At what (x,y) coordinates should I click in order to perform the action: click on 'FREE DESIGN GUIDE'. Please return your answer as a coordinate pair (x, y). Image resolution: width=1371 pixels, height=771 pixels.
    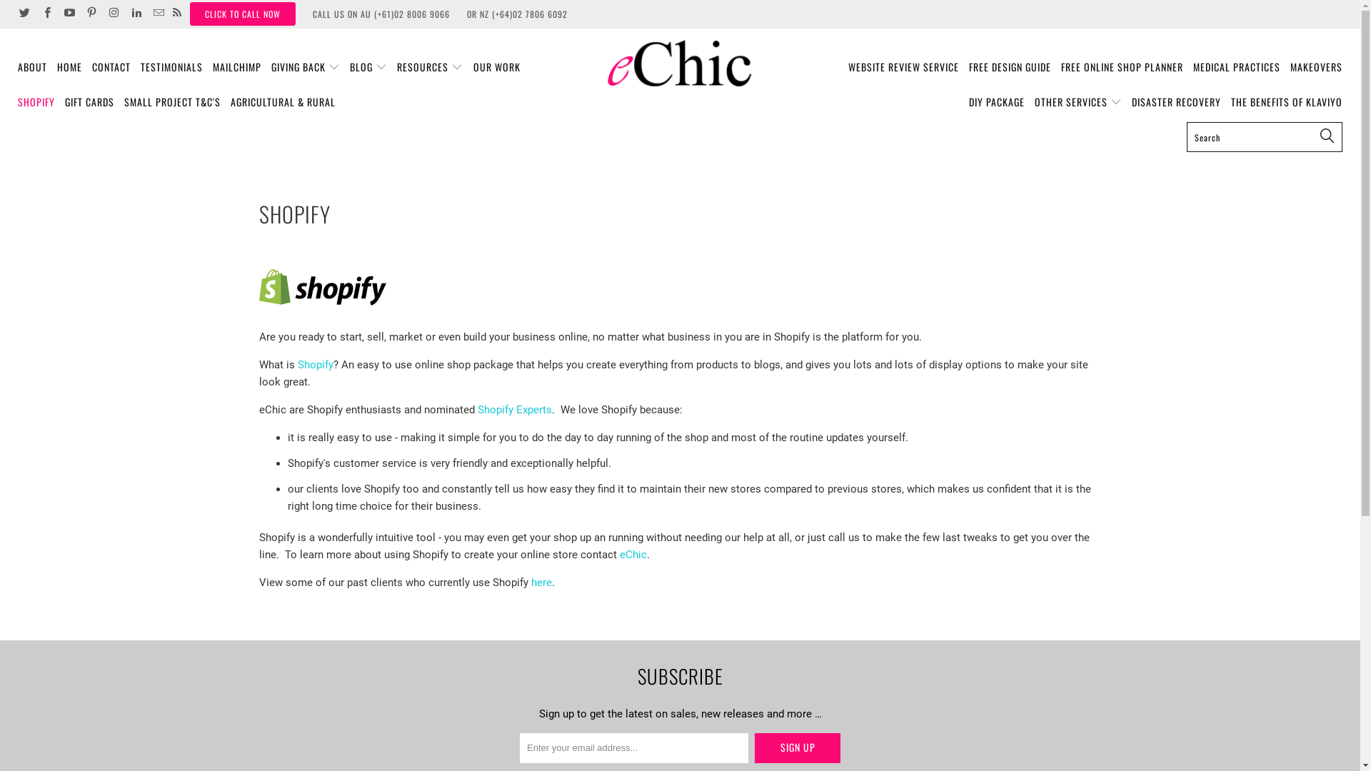
    Looking at the image, I should click on (1009, 67).